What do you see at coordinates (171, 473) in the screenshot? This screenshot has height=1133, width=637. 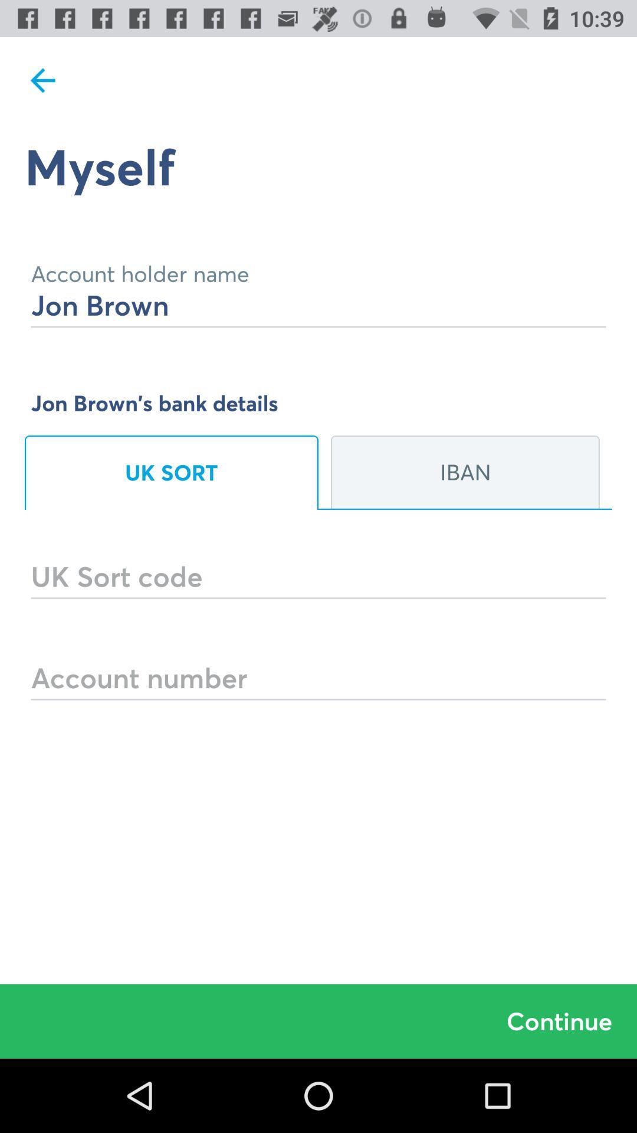 I see `the item next to the iban` at bounding box center [171, 473].